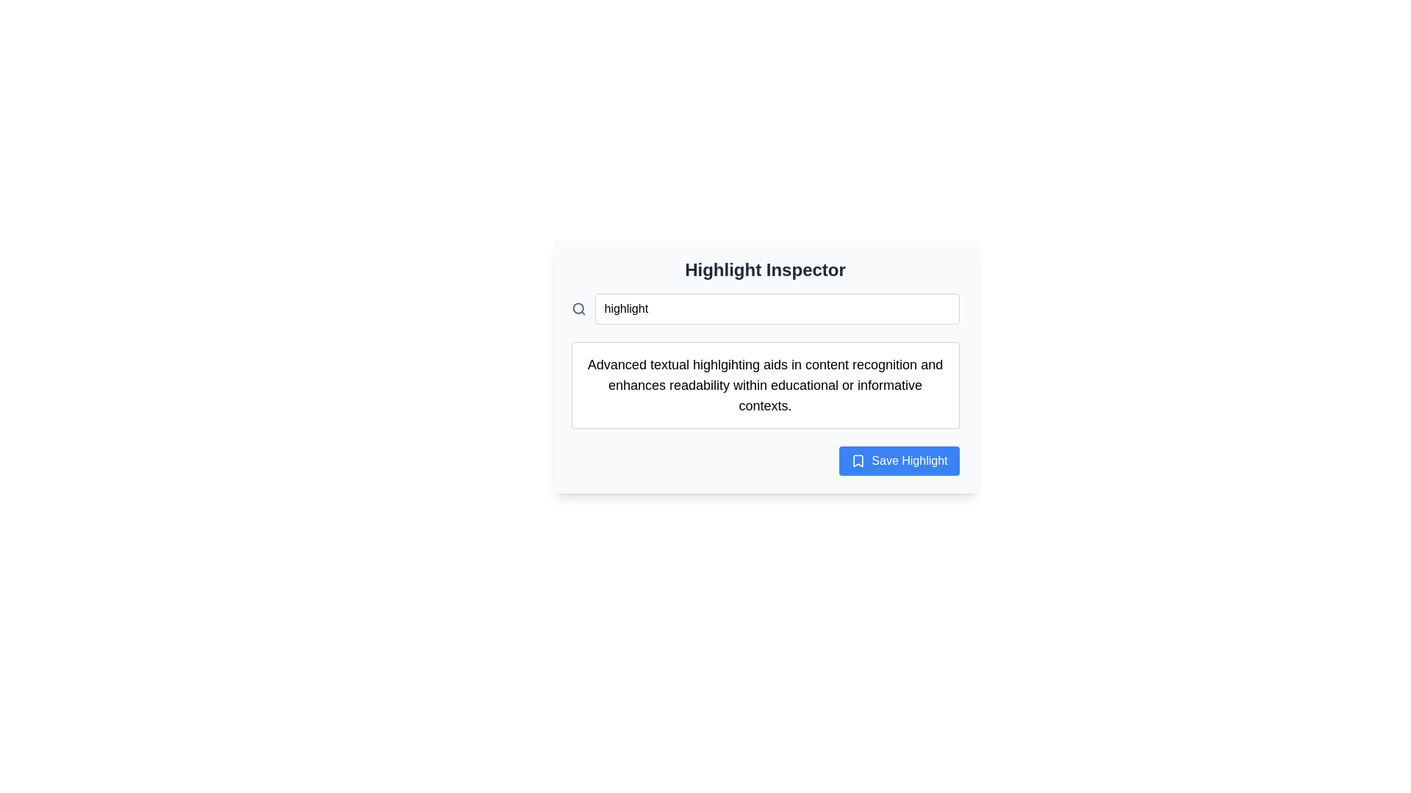 The width and height of the screenshot is (1411, 793). What do you see at coordinates (899, 460) in the screenshot?
I see `the save button located at the bottom right of the enclosing card` at bounding box center [899, 460].